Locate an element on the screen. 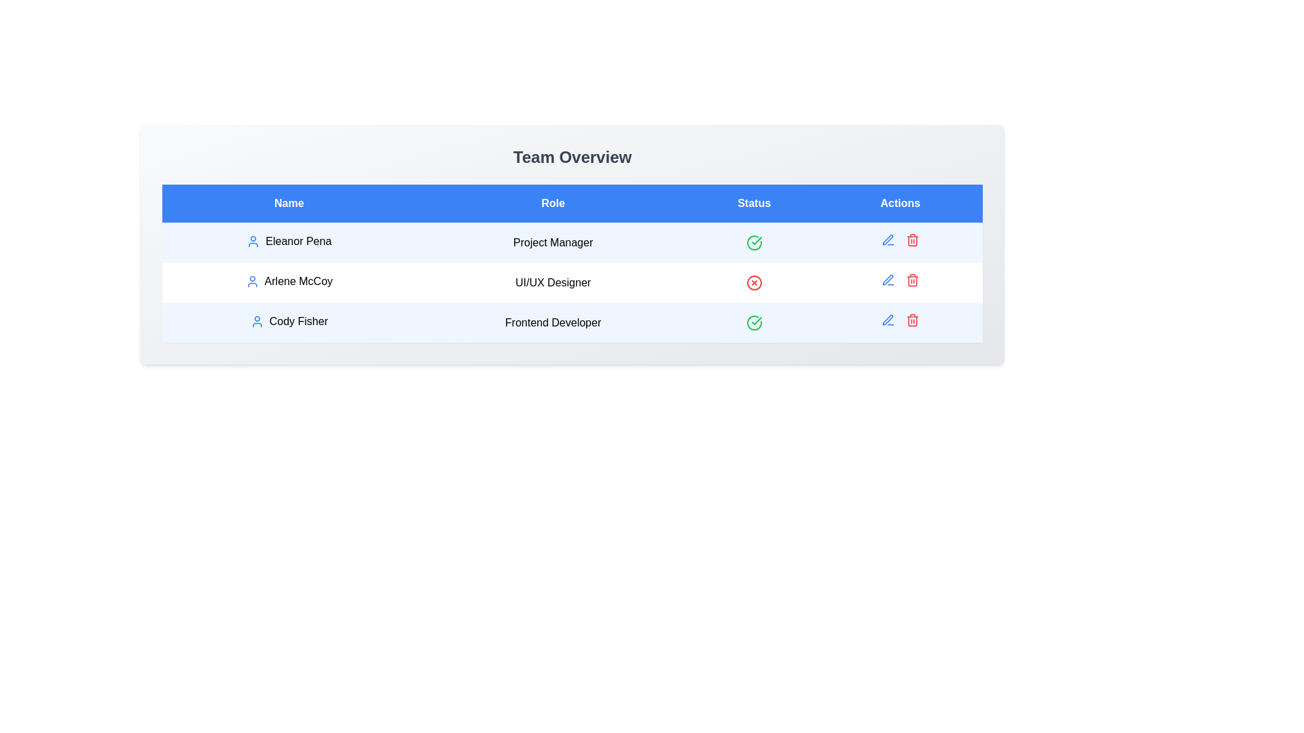  the text label displaying 'UI/UX Designer' located in the second row under the 'Role' column for 'Arlene McCoy.' is located at coordinates (553, 282).